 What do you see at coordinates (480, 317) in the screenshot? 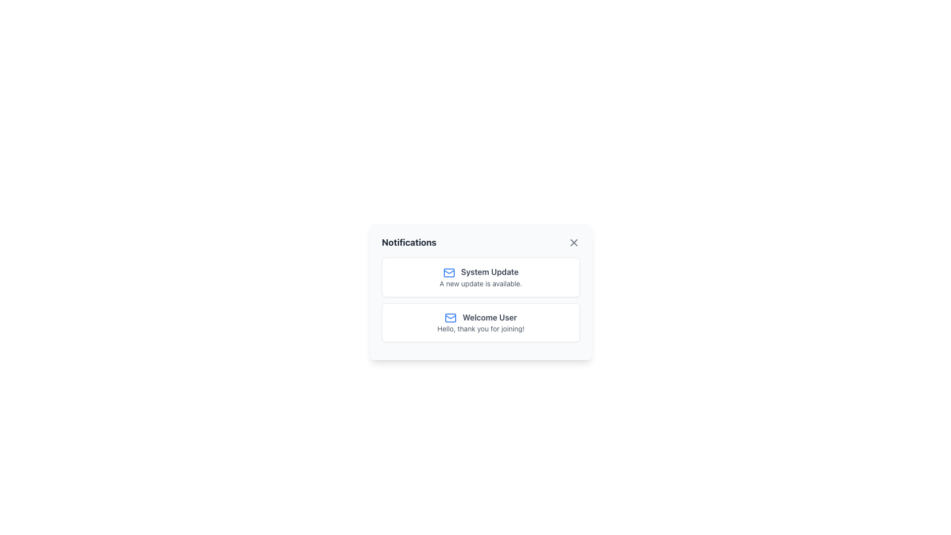
I see `the text 'Welcome User' in the notification card` at bounding box center [480, 317].